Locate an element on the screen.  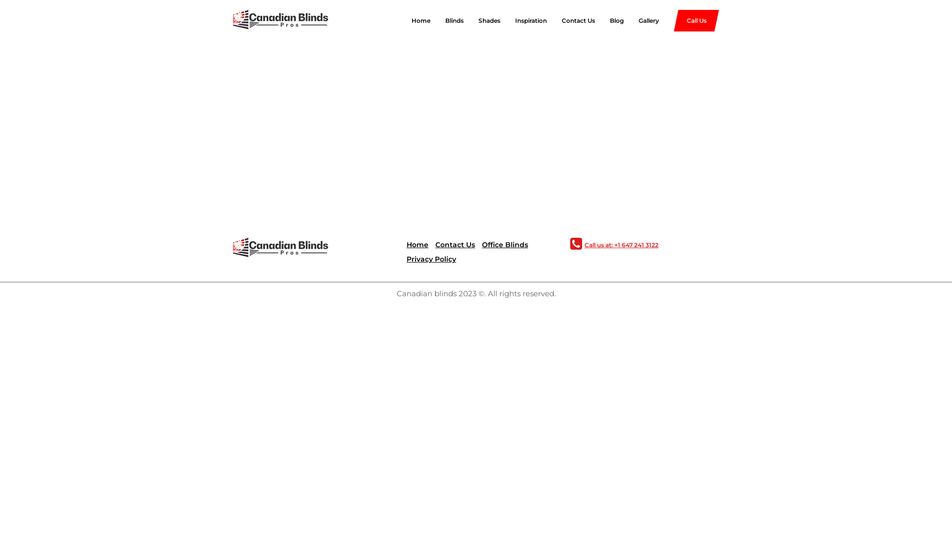
'Home' is located at coordinates (407, 244).